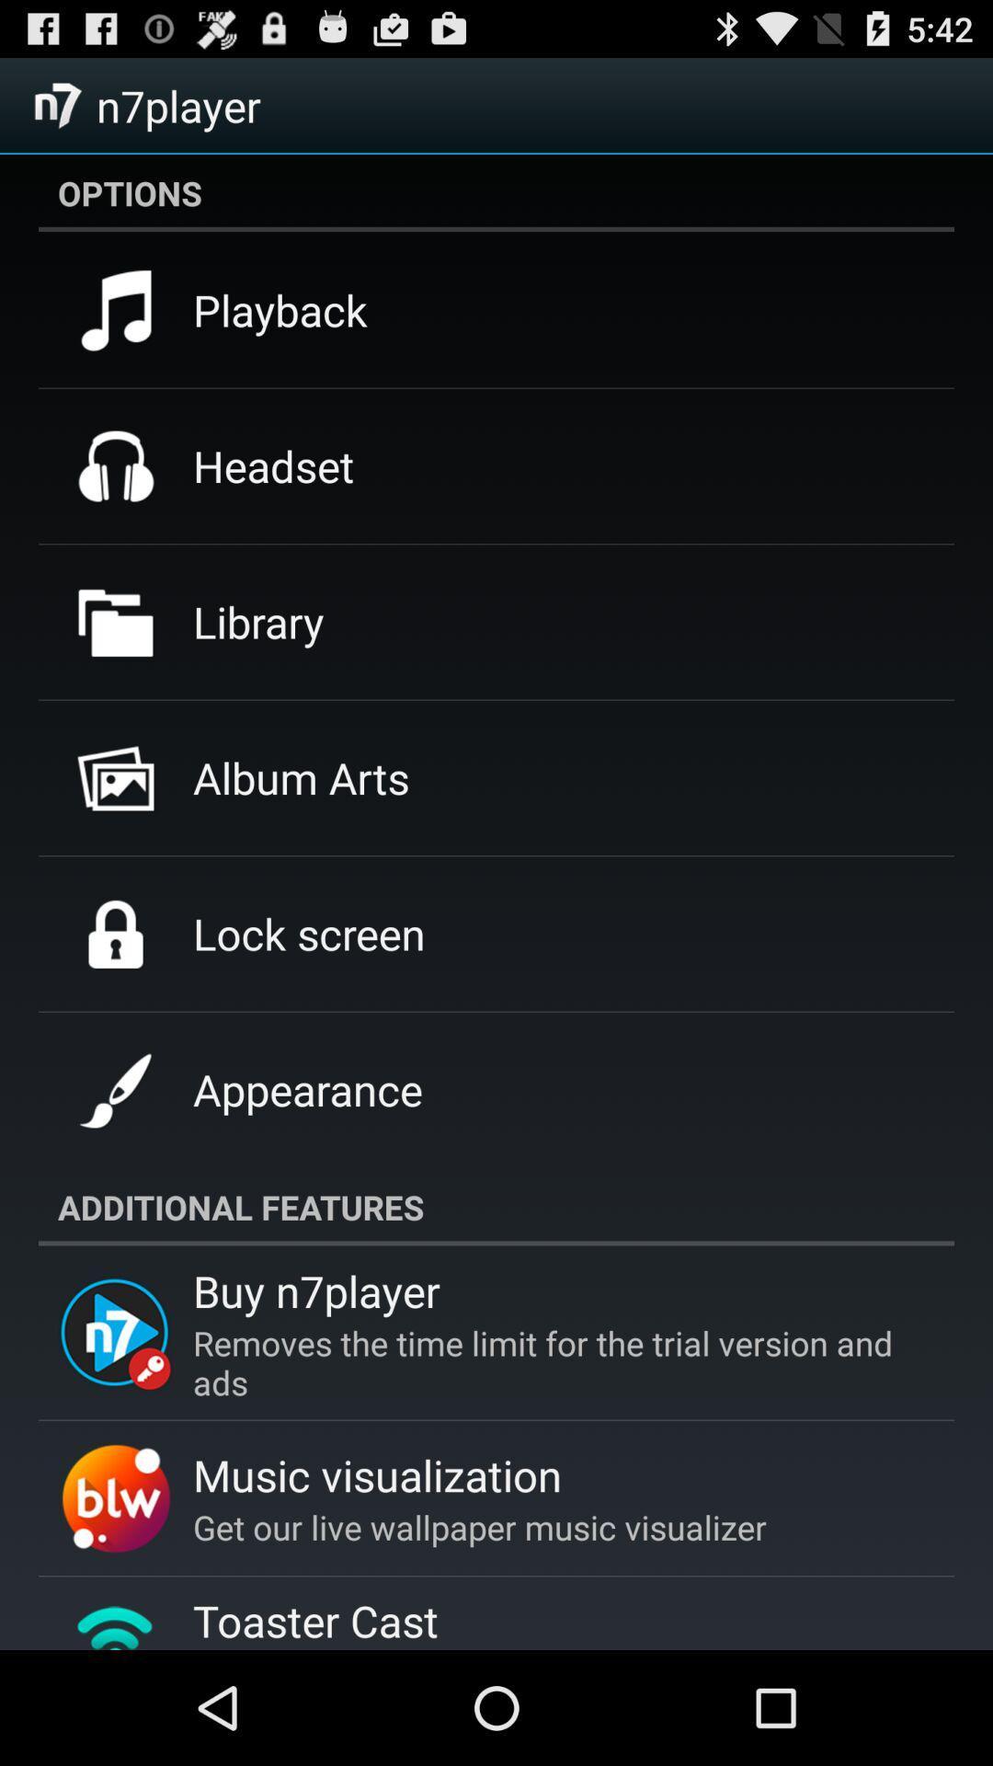  I want to click on app above the removes the time, so click(315, 1290).